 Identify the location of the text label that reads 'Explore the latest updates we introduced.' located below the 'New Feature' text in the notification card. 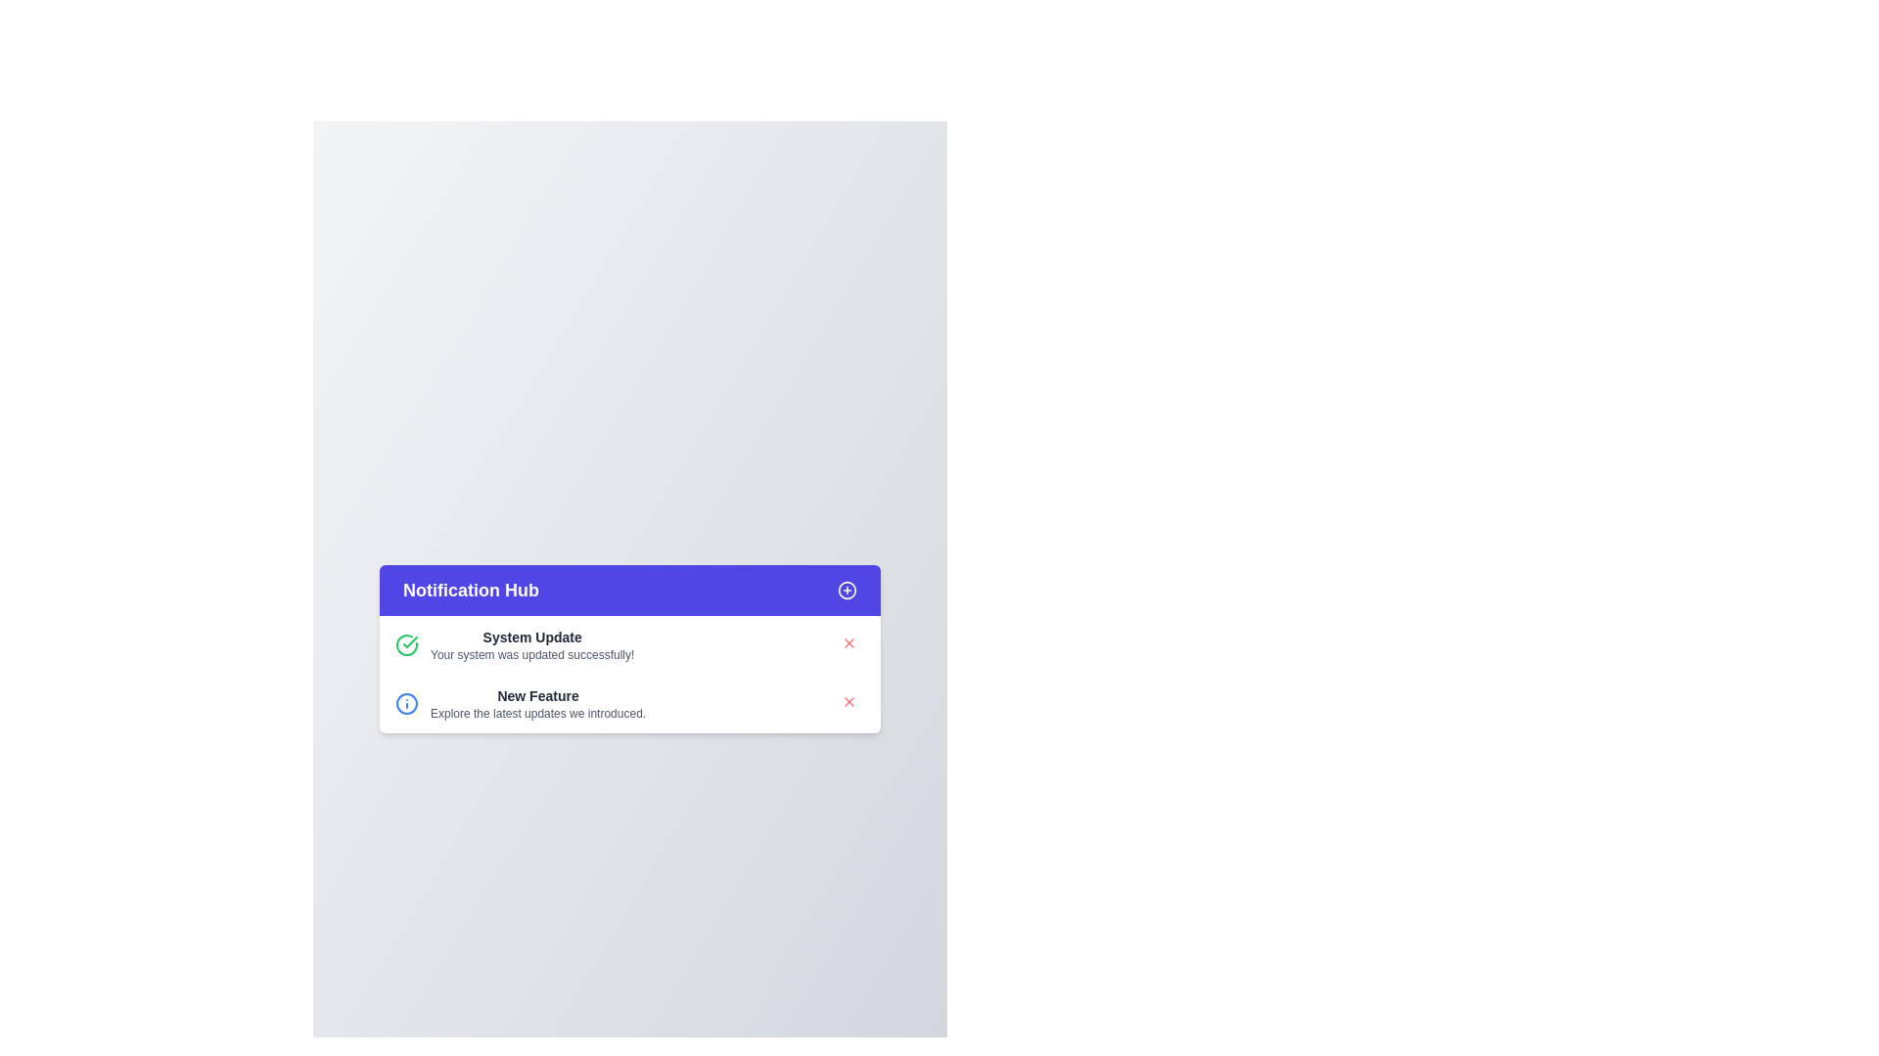
(538, 713).